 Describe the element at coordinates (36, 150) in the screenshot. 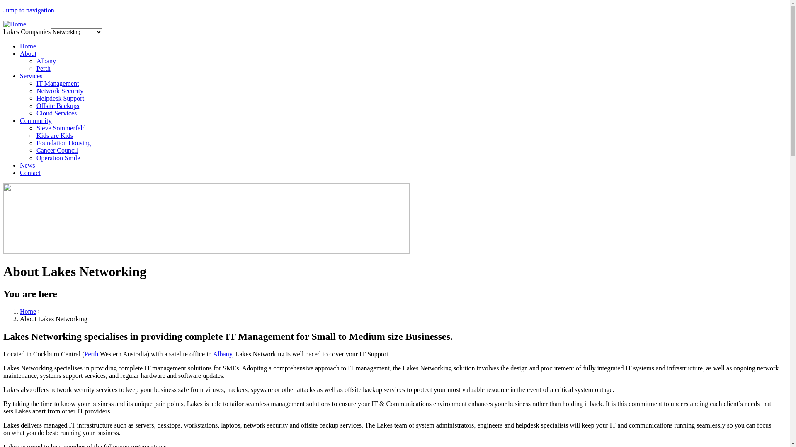

I see `'Cancer Council'` at that location.